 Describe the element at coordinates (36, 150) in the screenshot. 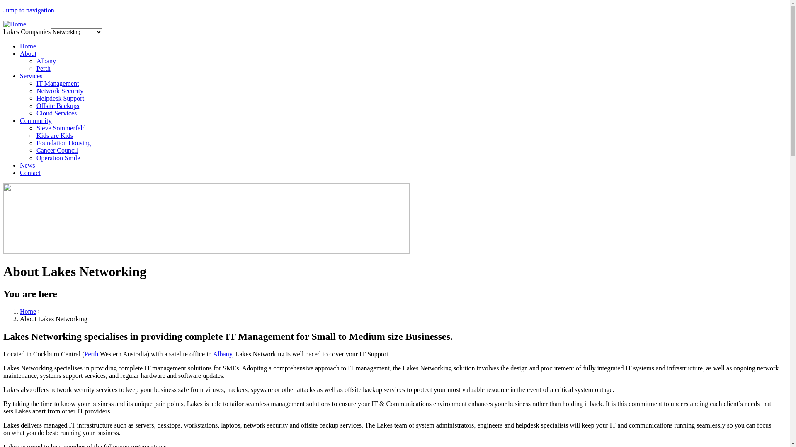

I see `'Cancer Council'` at that location.